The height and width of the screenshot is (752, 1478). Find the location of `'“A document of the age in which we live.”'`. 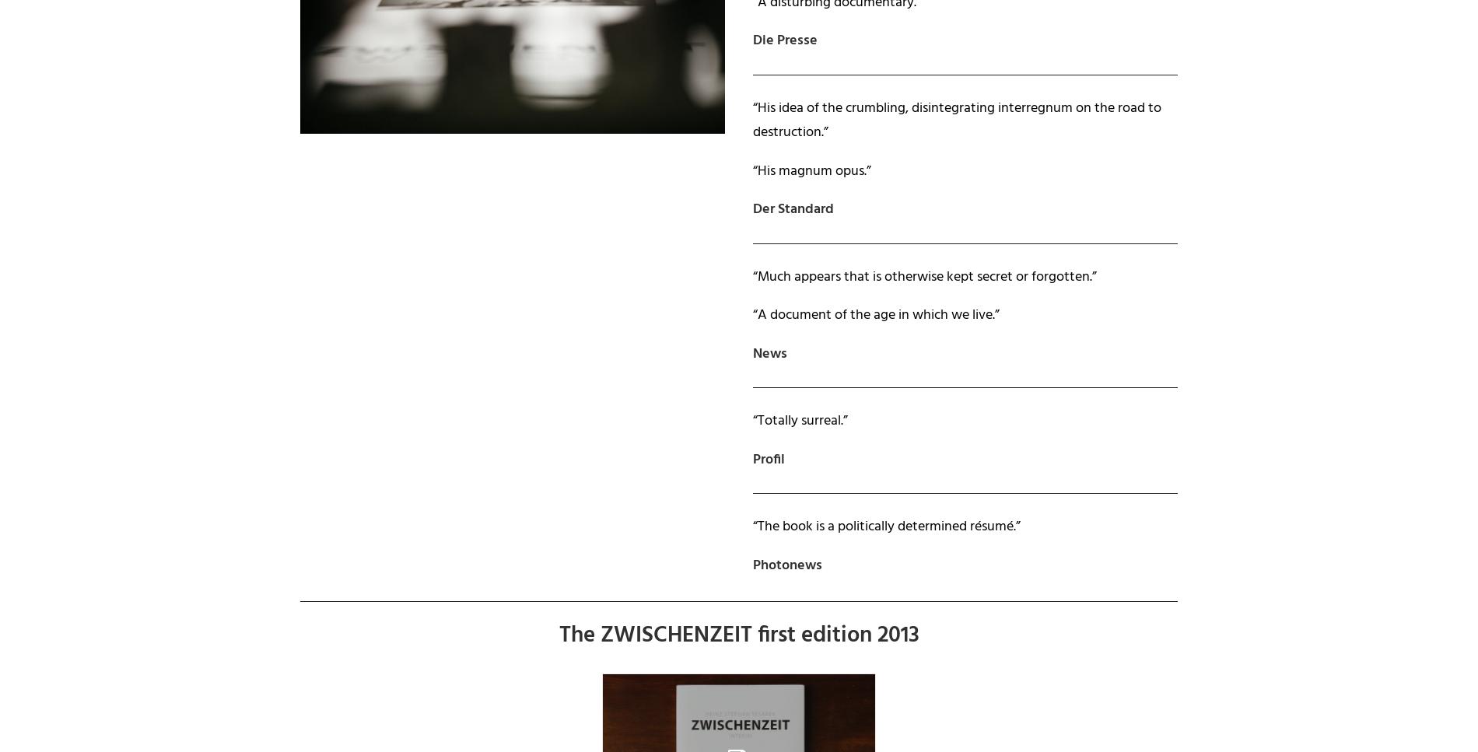

'“A document of the age in which we live.”' is located at coordinates (876, 315).